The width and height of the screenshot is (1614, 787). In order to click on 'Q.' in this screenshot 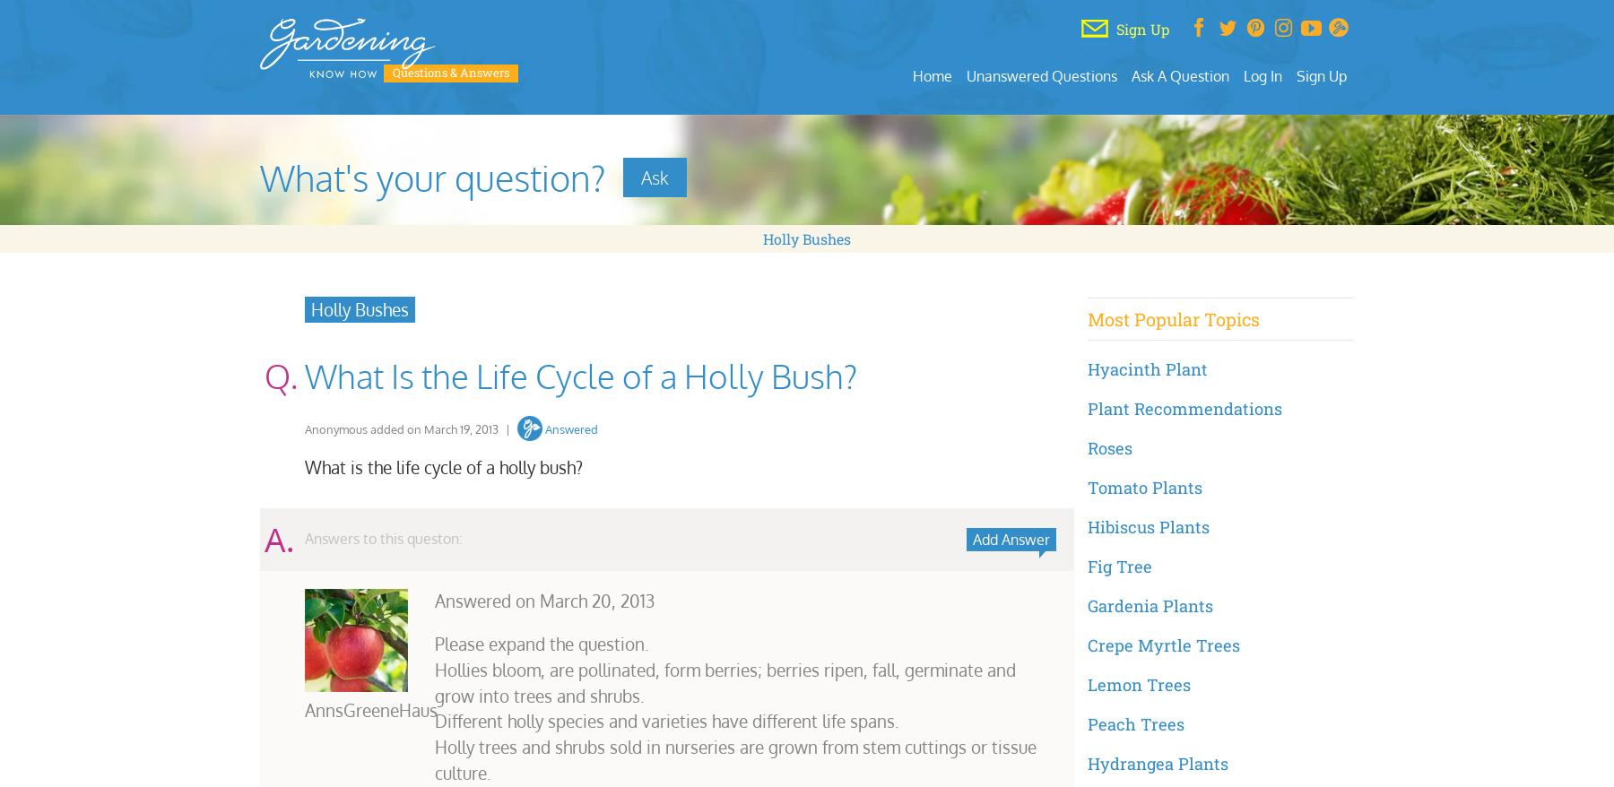, I will do `click(280, 376)`.